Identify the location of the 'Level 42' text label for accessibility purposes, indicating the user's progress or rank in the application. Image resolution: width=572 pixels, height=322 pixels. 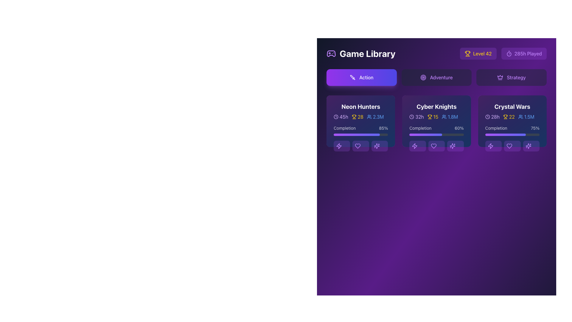
(482, 54).